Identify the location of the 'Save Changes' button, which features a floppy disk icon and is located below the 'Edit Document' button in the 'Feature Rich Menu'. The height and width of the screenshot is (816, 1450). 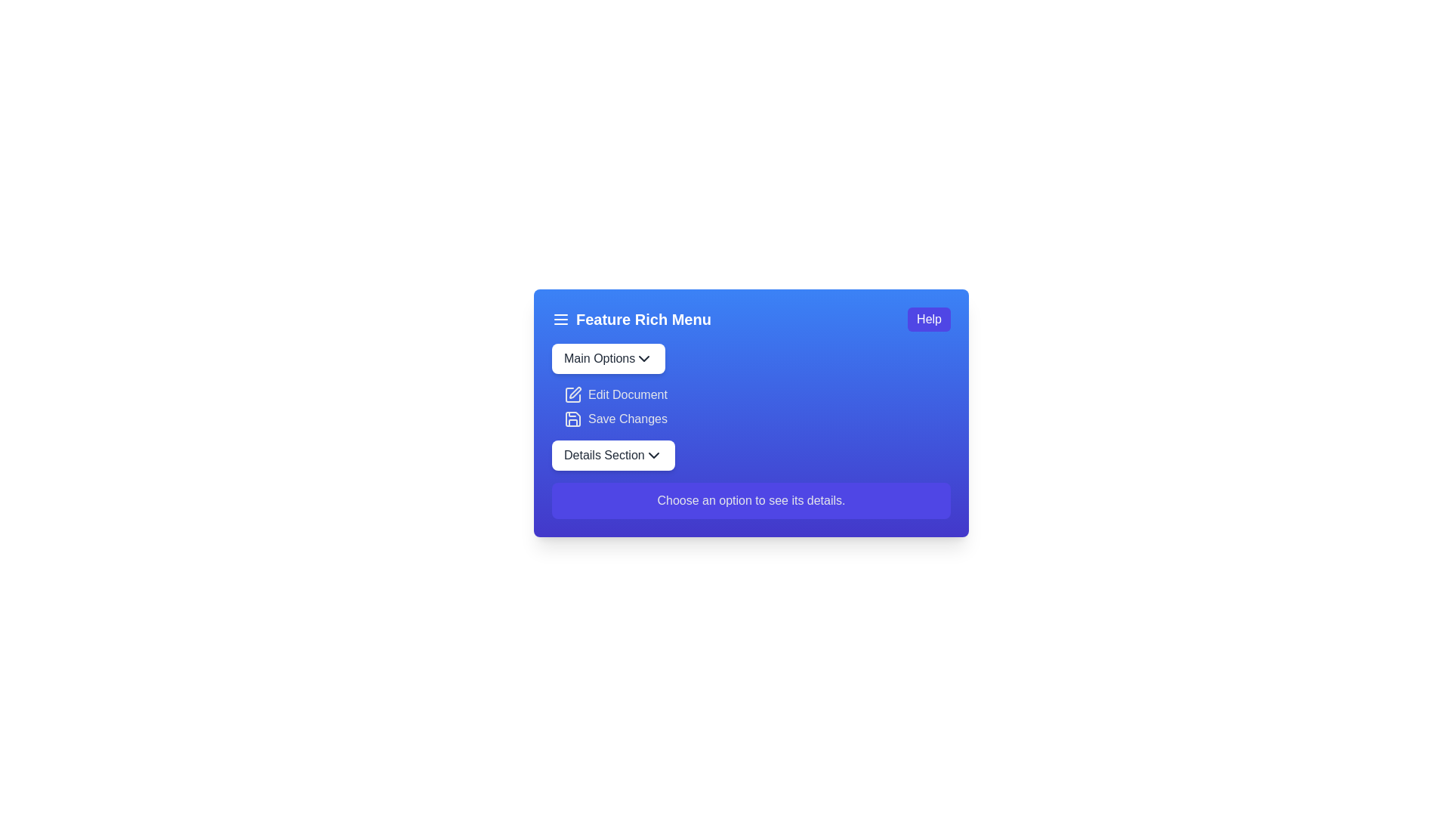
(615, 419).